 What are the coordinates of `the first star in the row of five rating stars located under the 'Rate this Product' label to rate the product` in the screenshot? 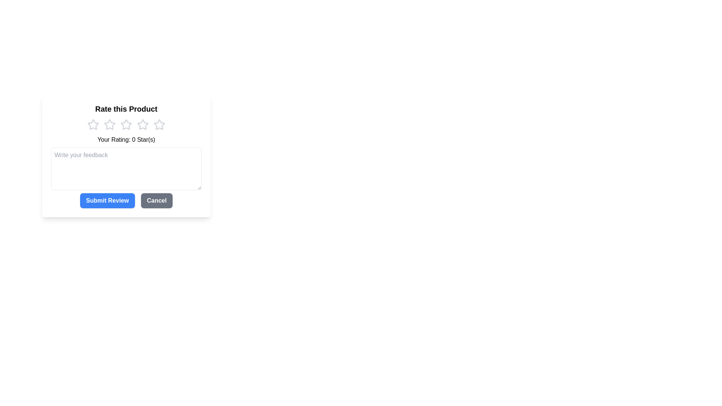 It's located at (93, 124).